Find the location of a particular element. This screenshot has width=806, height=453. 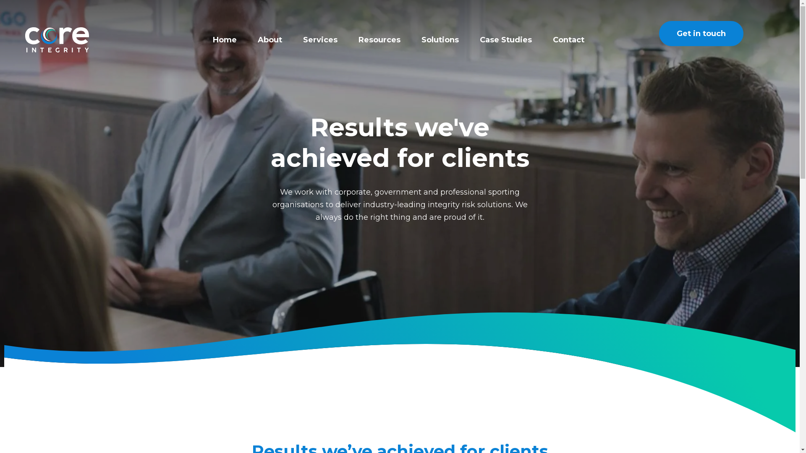

'Services' is located at coordinates (302, 40).